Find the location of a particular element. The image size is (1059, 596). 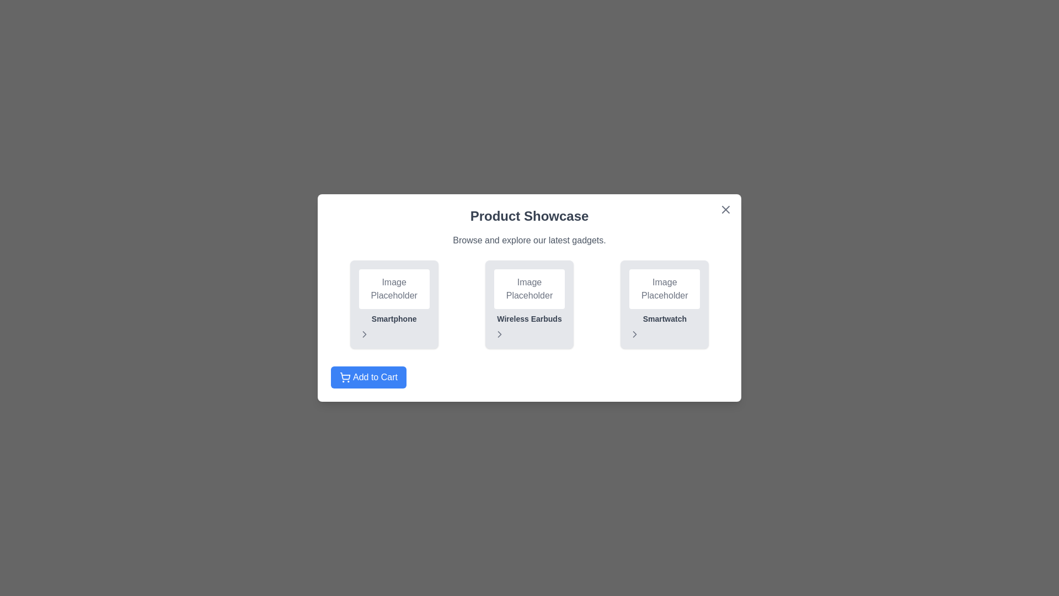

the text label displaying 'Smartwatch' in gray bold font, positioned at the bottom of the third card in a horizontal list of cards is located at coordinates (664, 319).